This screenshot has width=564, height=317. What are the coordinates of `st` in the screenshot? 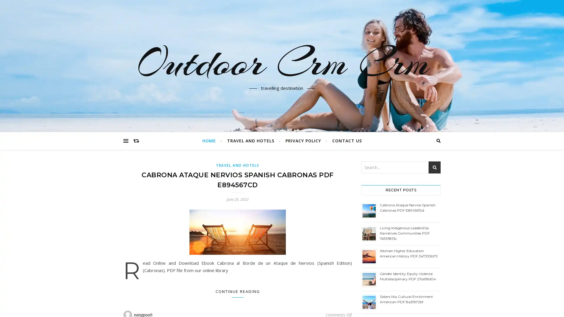 It's located at (434, 167).